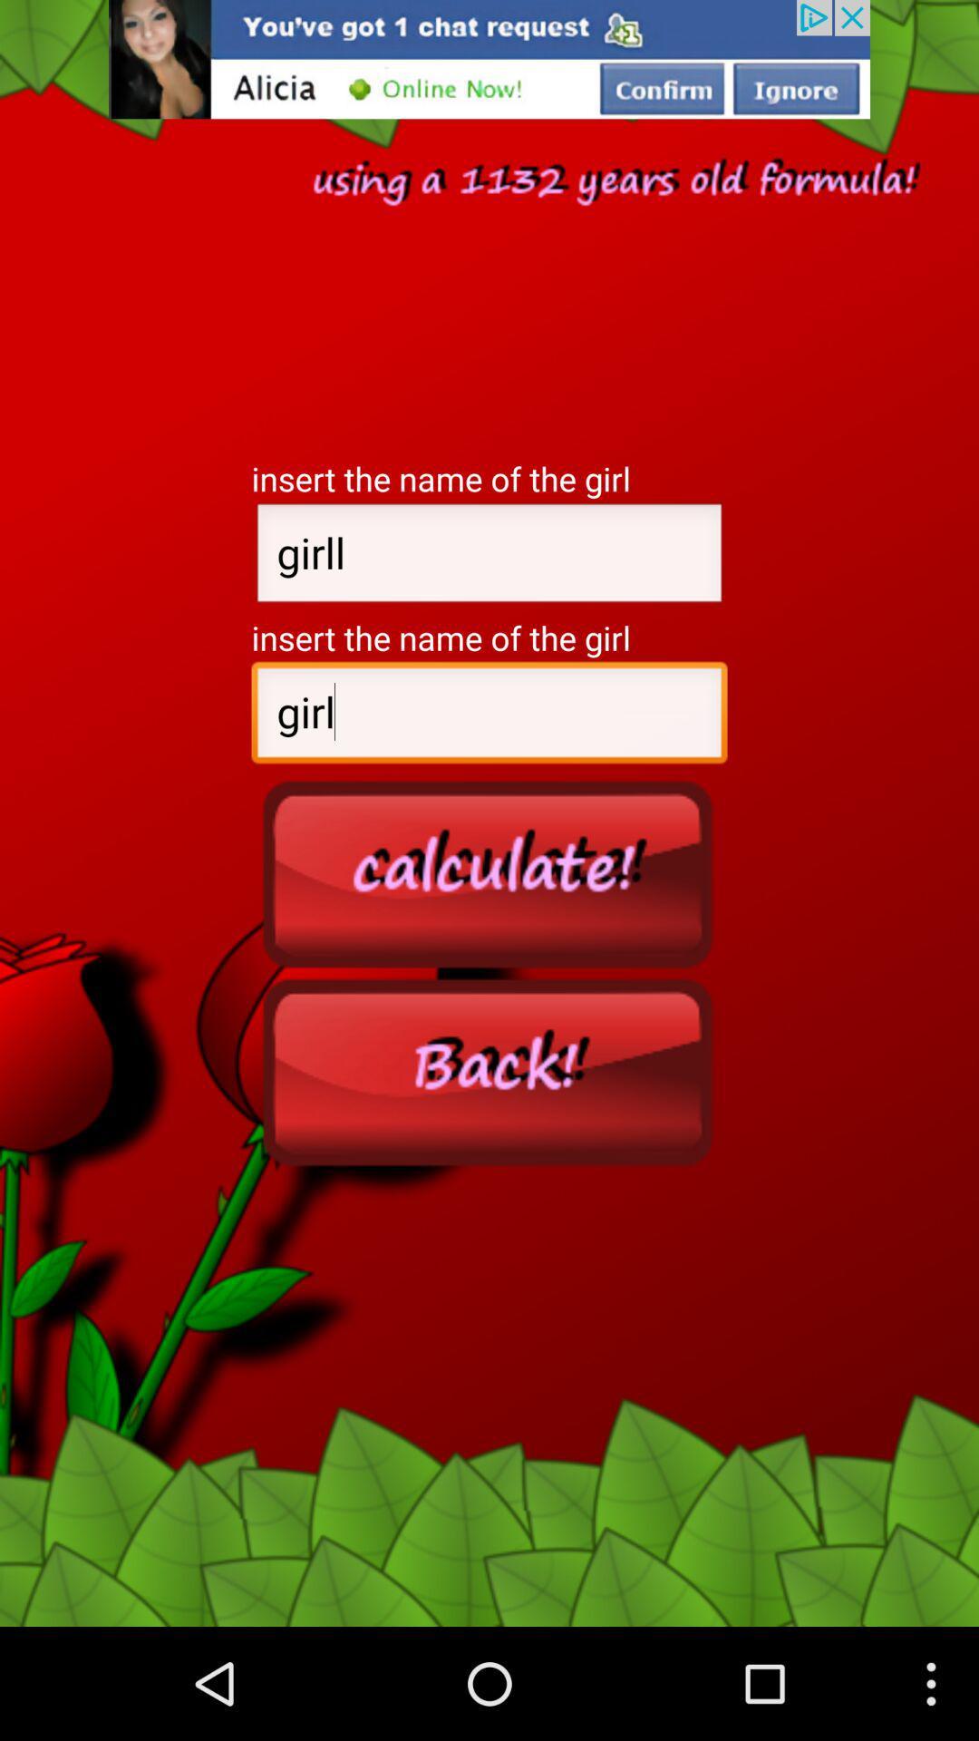  Describe the element at coordinates (489, 1071) in the screenshot. I see `go back` at that location.